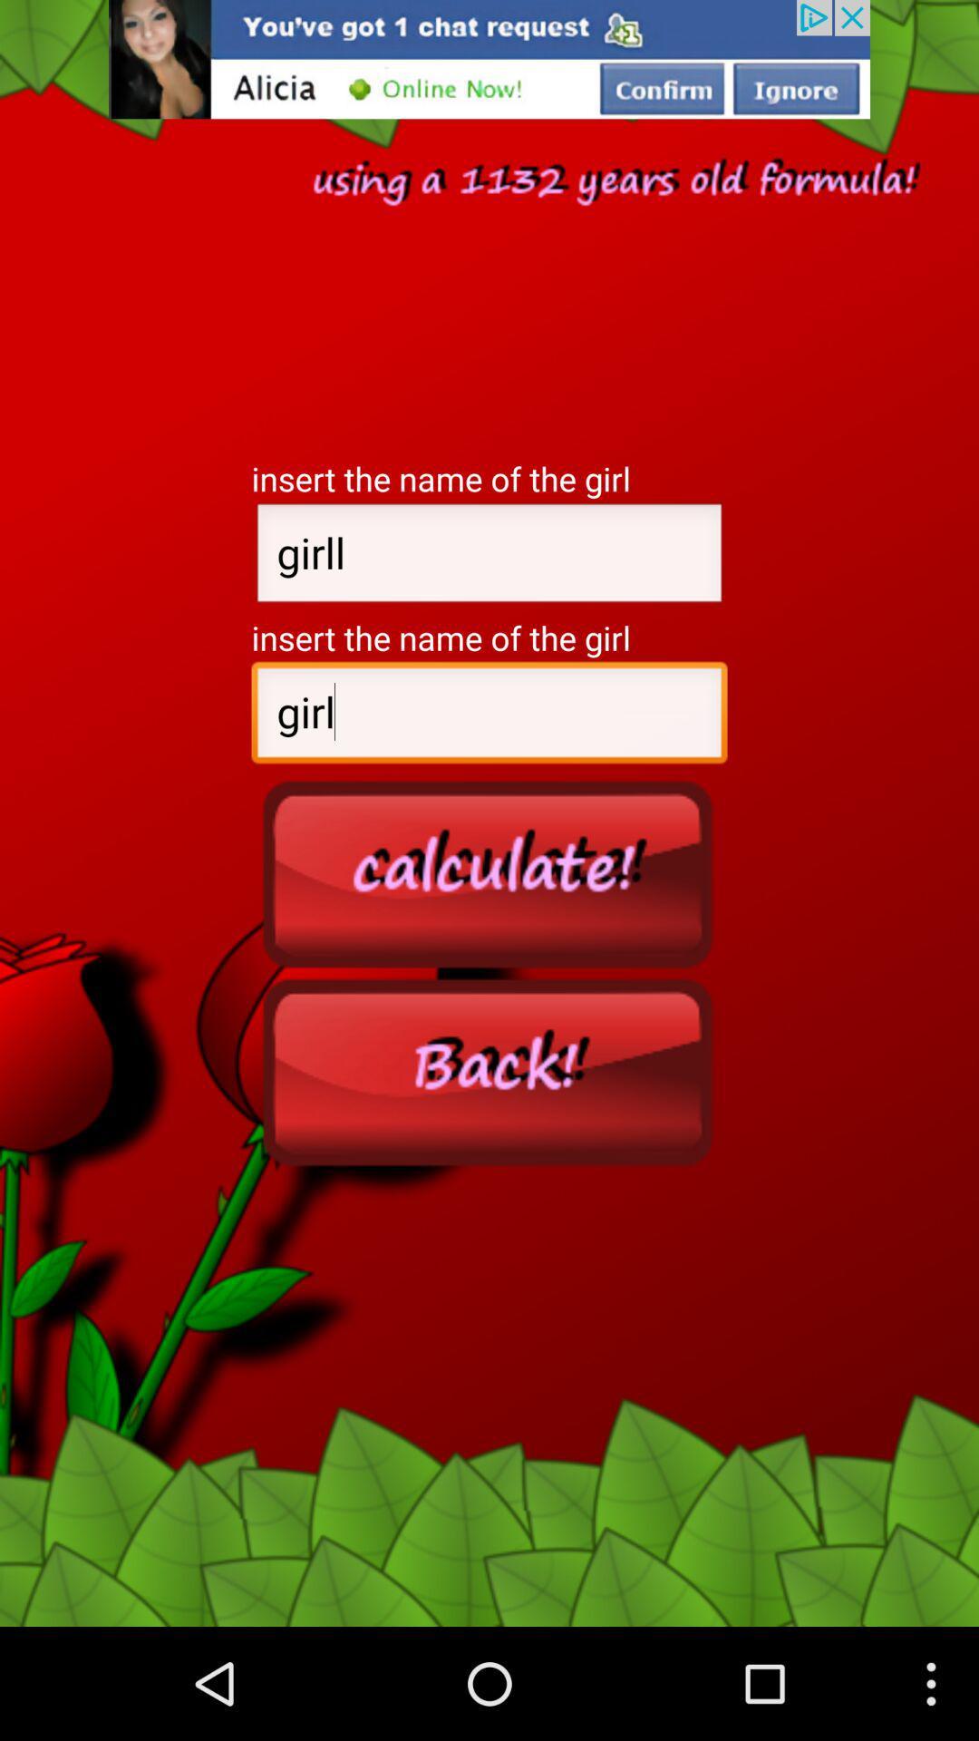  Describe the element at coordinates (489, 1071) in the screenshot. I see `go back` at that location.